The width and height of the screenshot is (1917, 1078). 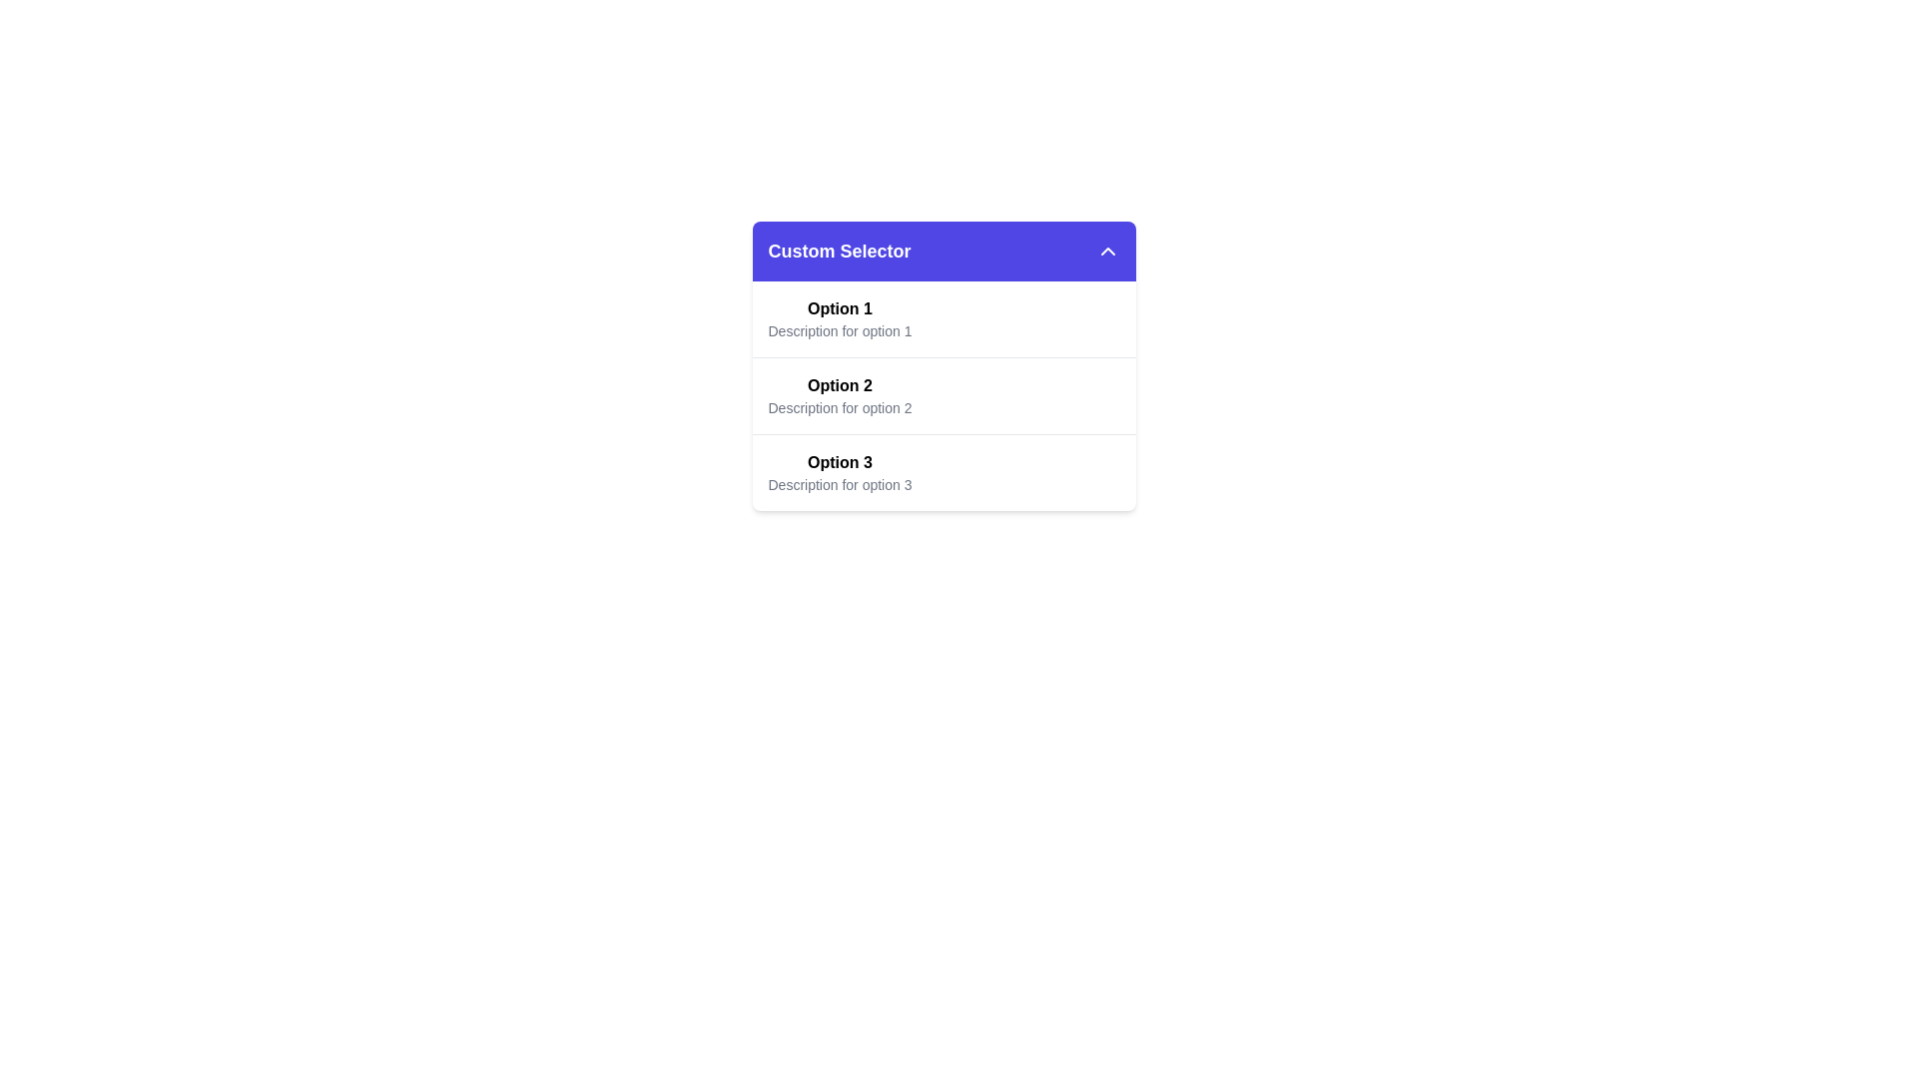 What do you see at coordinates (840, 396) in the screenshot?
I see `the text block element displaying 'Option 2' under the 'Custom Selector' dropdown` at bounding box center [840, 396].